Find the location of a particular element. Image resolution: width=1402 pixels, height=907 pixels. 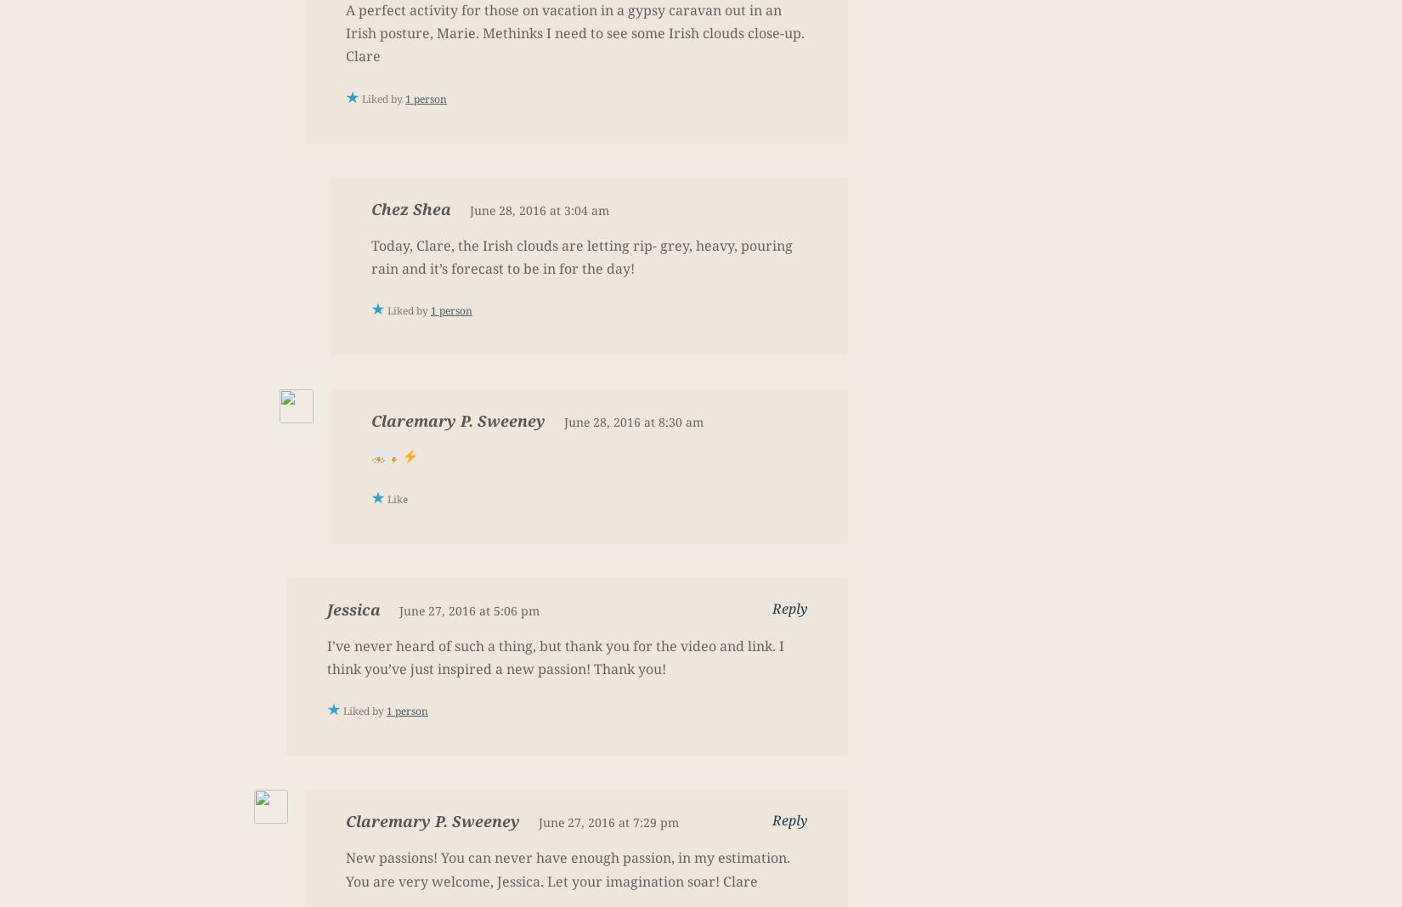

'Today, Clare, the Irish clouds are letting rip- grey, heavy, pouring rain and it’s forecast to be in for the day!' is located at coordinates (370, 256).